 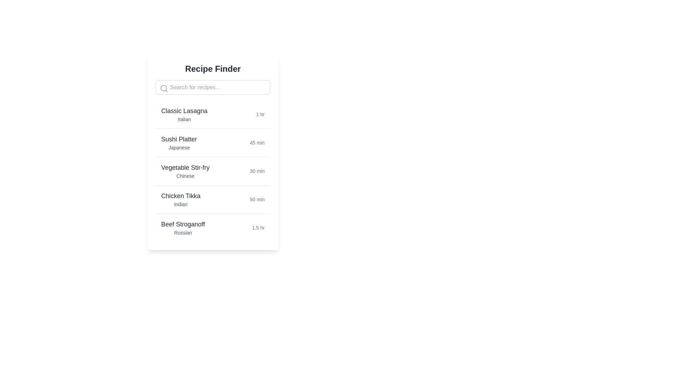 What do you see at coordinates (212, 69) in the screenshot?
I see `the Text Label that indicates the recipe-finding feature, positioned centrally at the top of the white card-like box` at bounding box center [212, 69].